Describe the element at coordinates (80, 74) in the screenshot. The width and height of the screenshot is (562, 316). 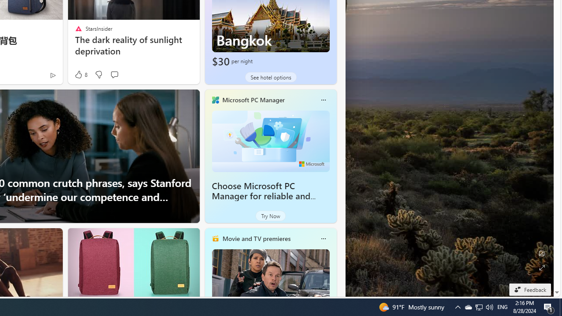
I see `'8 Like'` at that location.